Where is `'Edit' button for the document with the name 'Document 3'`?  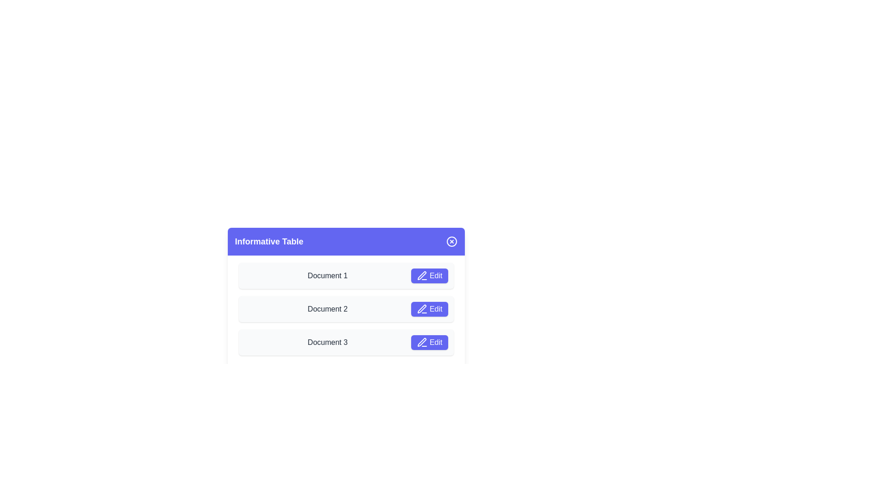 'Edit' button for the document with the name 'Document 3' is located at coordinates (429, 343).